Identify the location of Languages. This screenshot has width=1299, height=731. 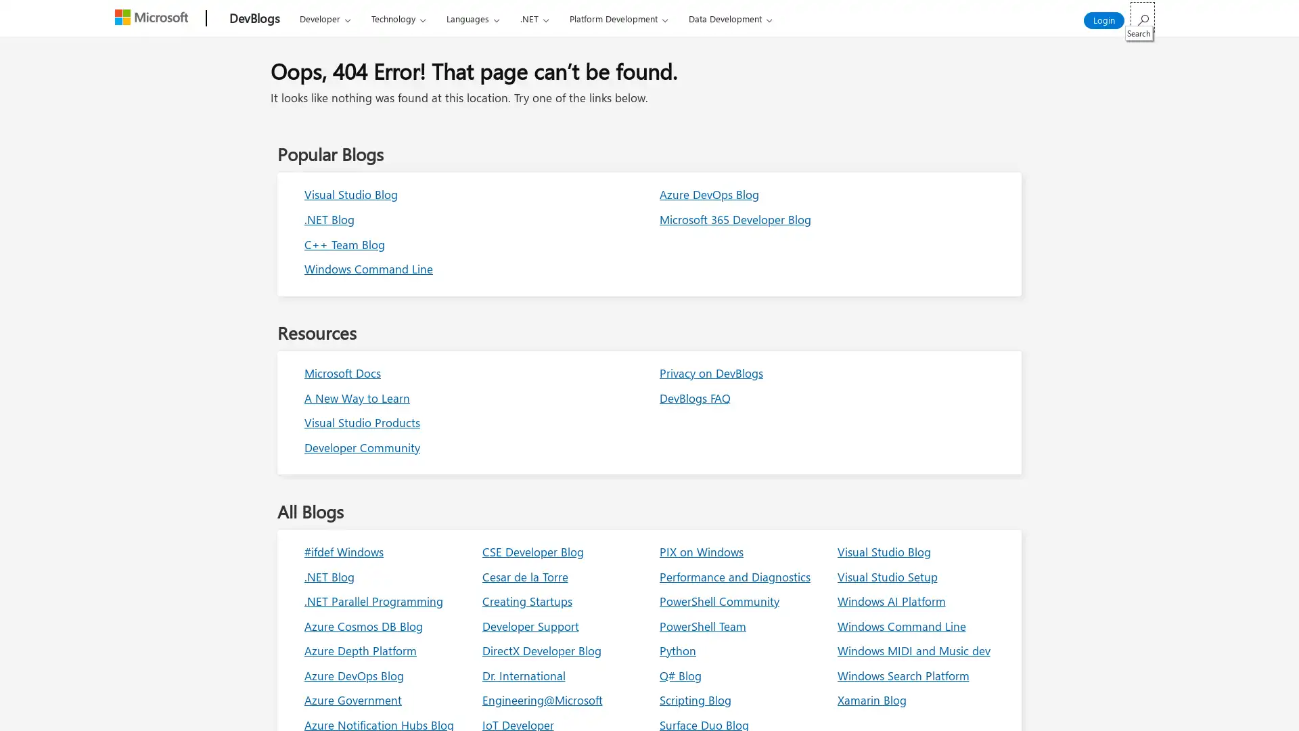
(472, 18).